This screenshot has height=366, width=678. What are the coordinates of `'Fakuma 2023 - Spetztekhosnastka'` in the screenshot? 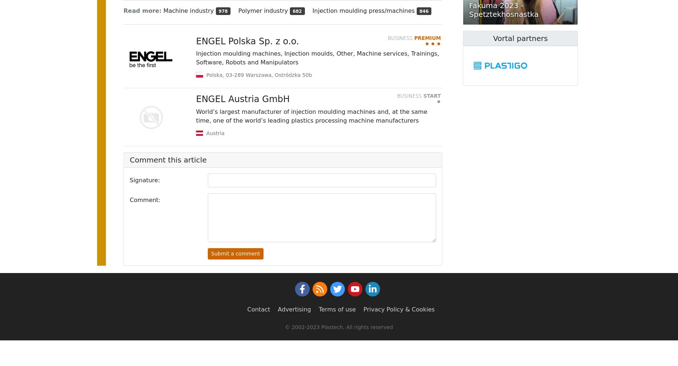 It's located at (503, 10).